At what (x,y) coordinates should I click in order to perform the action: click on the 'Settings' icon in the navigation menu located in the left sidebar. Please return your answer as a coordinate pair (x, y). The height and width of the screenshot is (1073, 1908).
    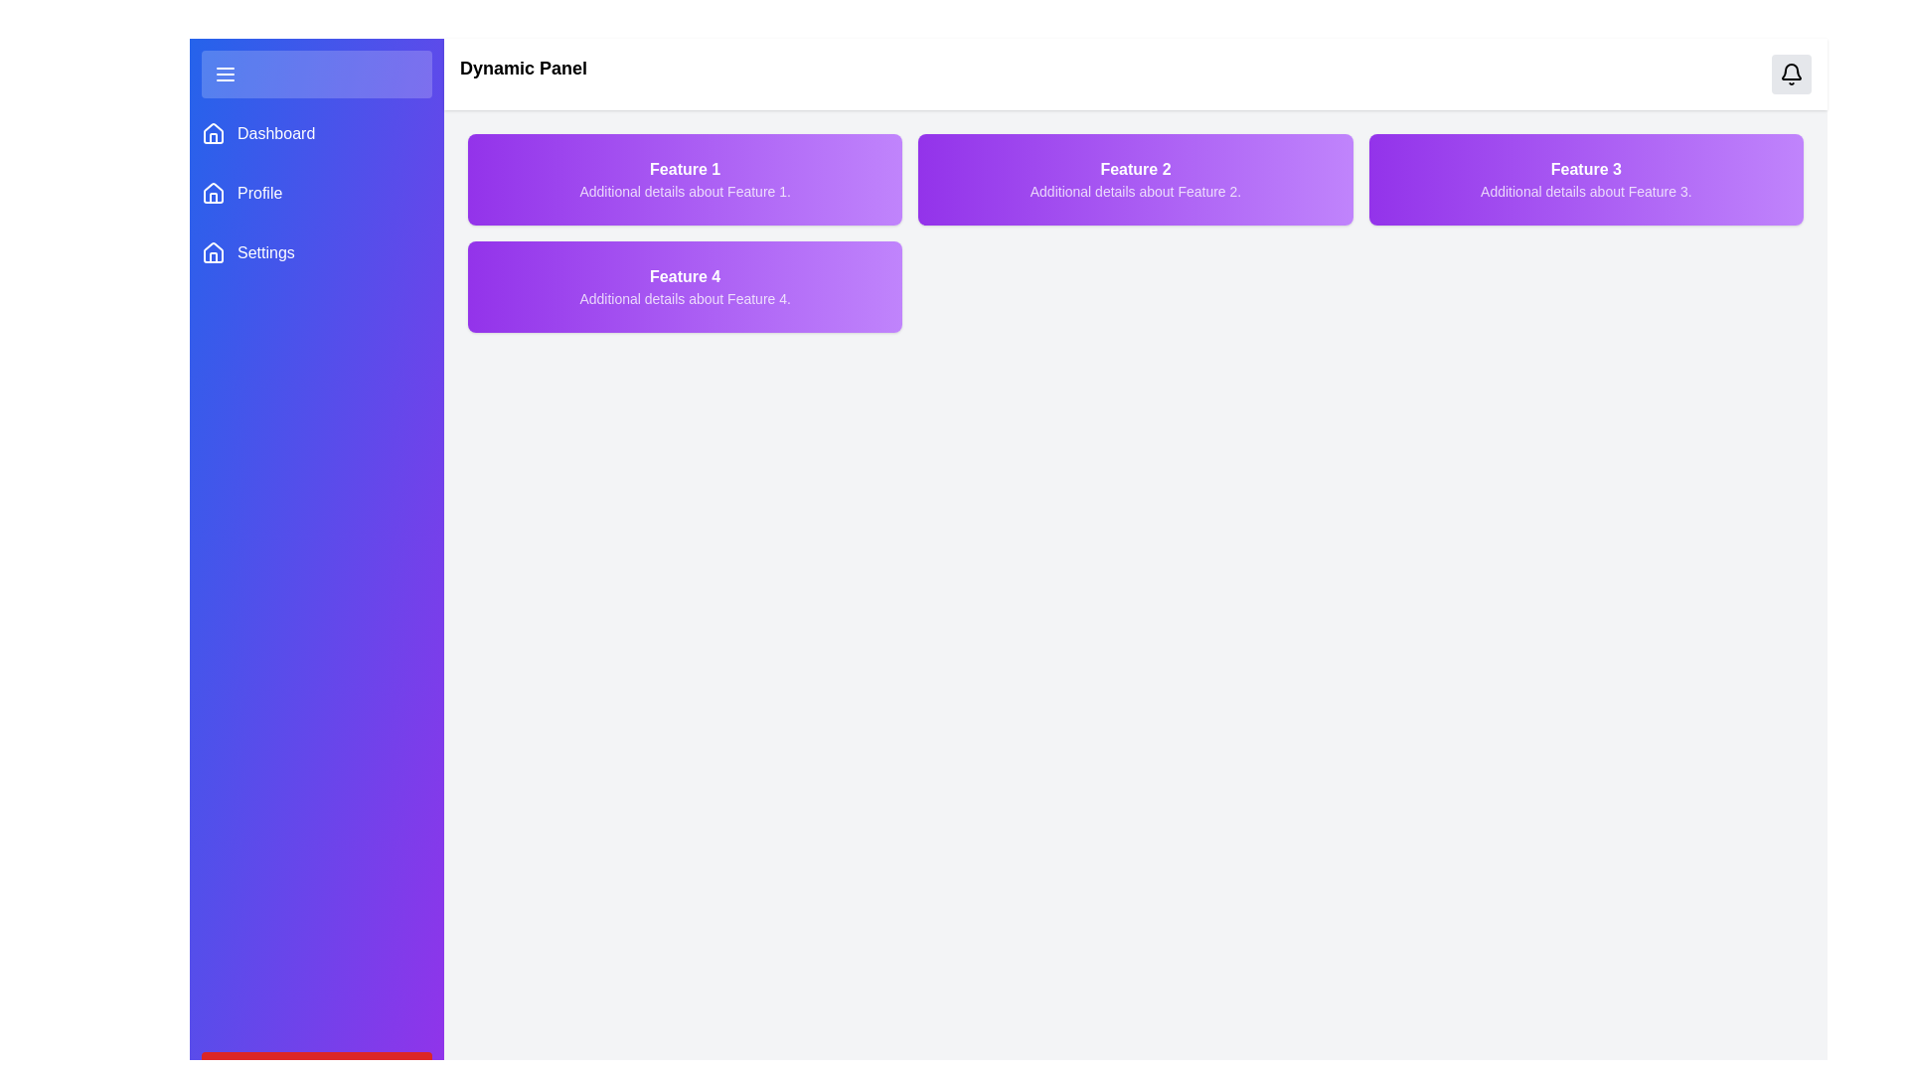
    Looking at the image, I should click on (214, 251).